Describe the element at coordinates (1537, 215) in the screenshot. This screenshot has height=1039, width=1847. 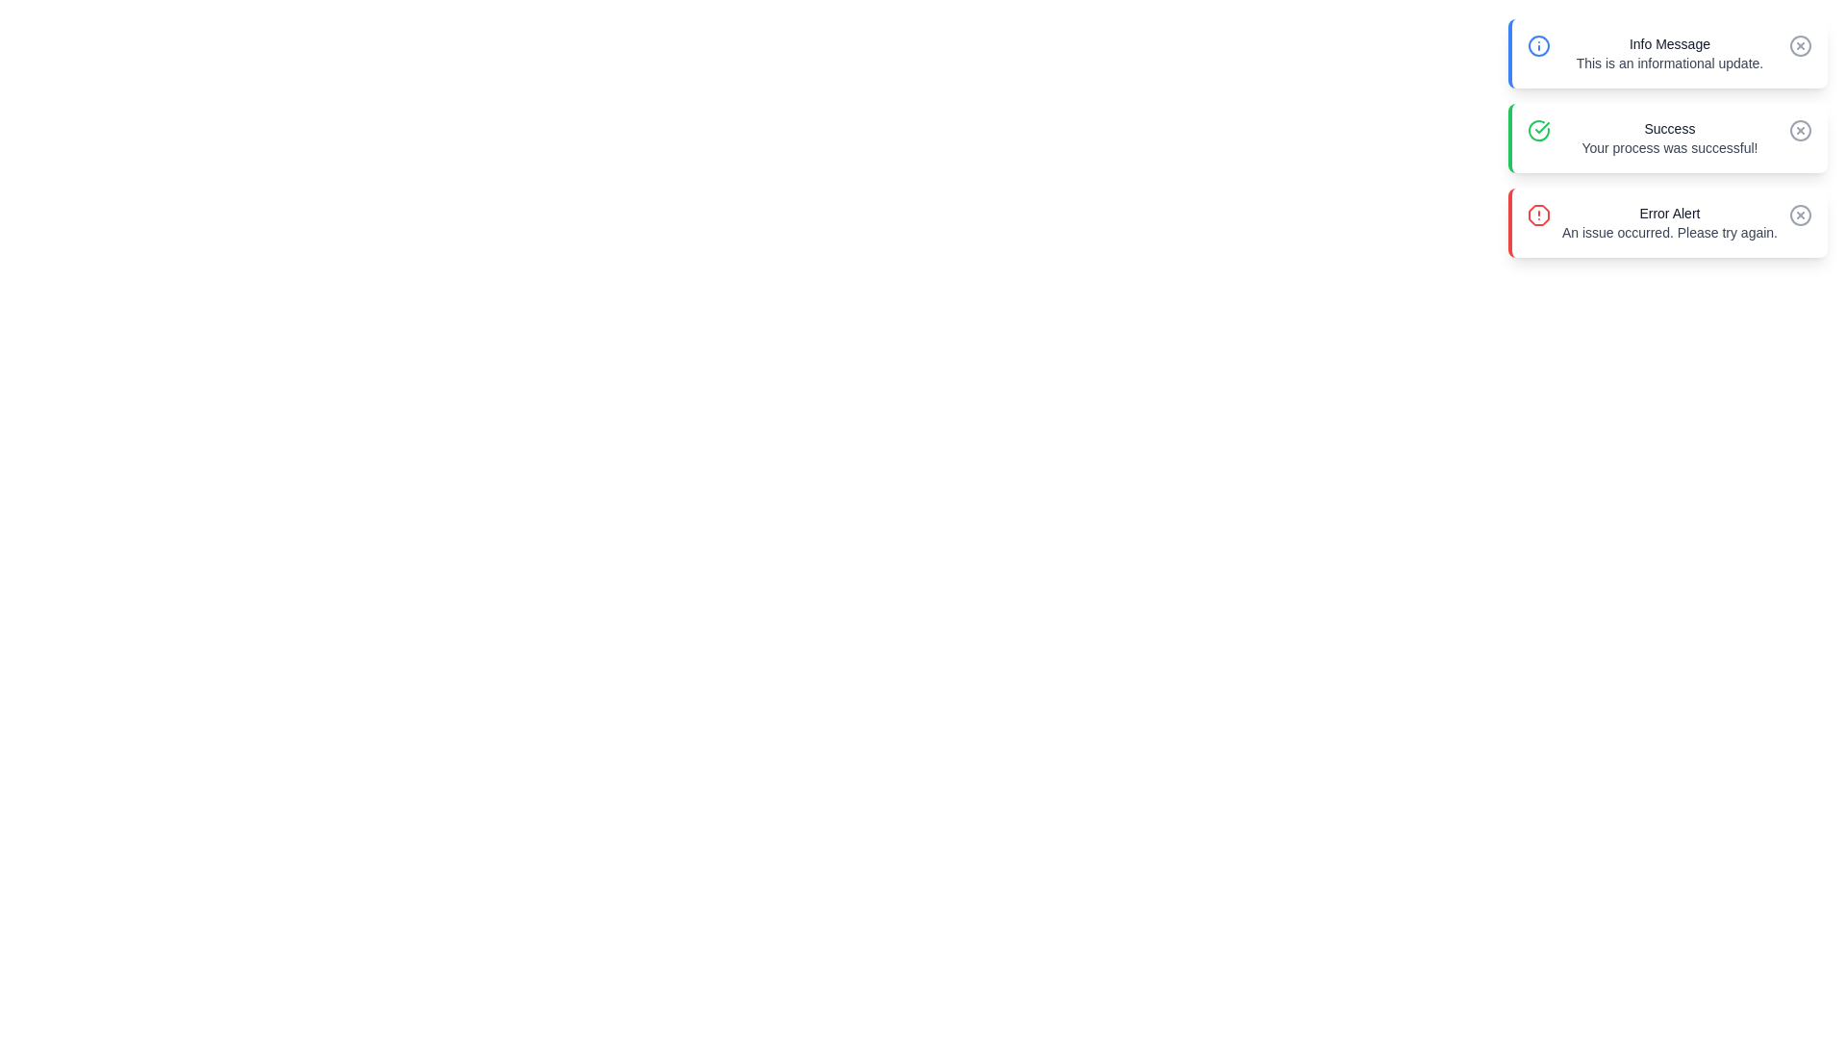
I see `the error alert icon located in the top-left corner of the 'Error Alert' notification card` at that location.